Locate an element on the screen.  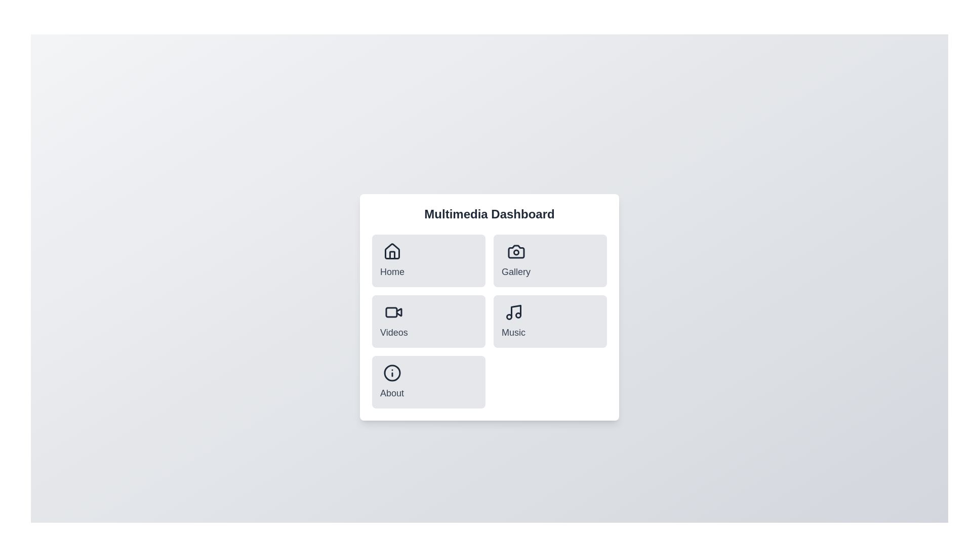
the menu item corresponding to Home is located at coordinates (391, 260).